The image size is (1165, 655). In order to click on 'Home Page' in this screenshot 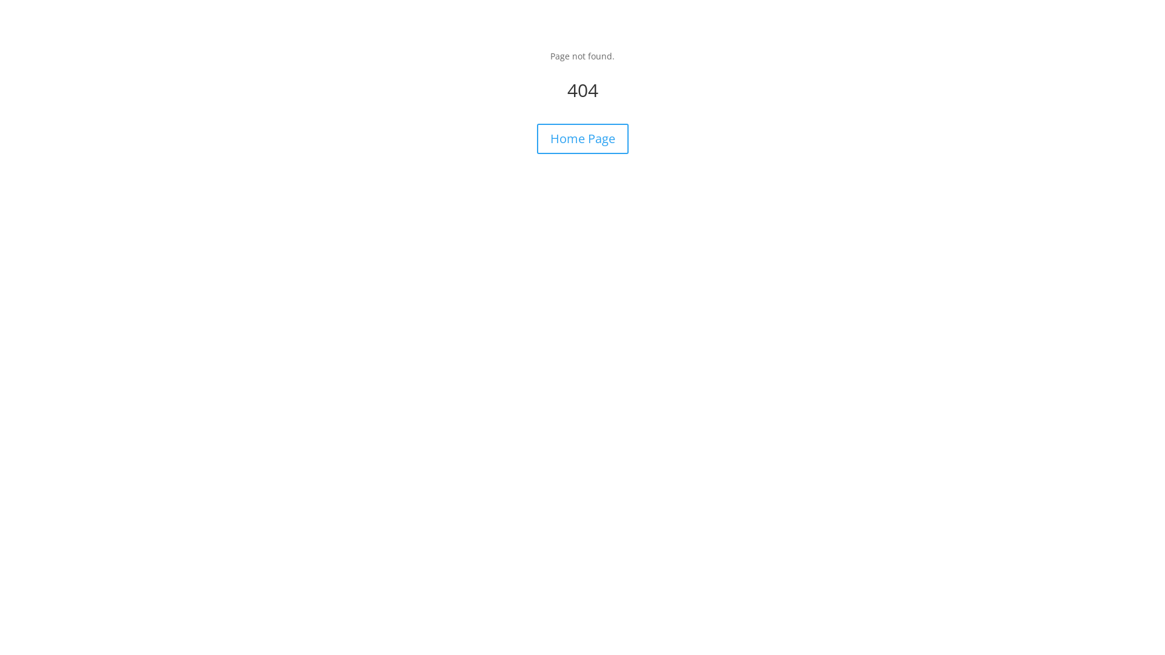, I will do `click(581, 138)`.